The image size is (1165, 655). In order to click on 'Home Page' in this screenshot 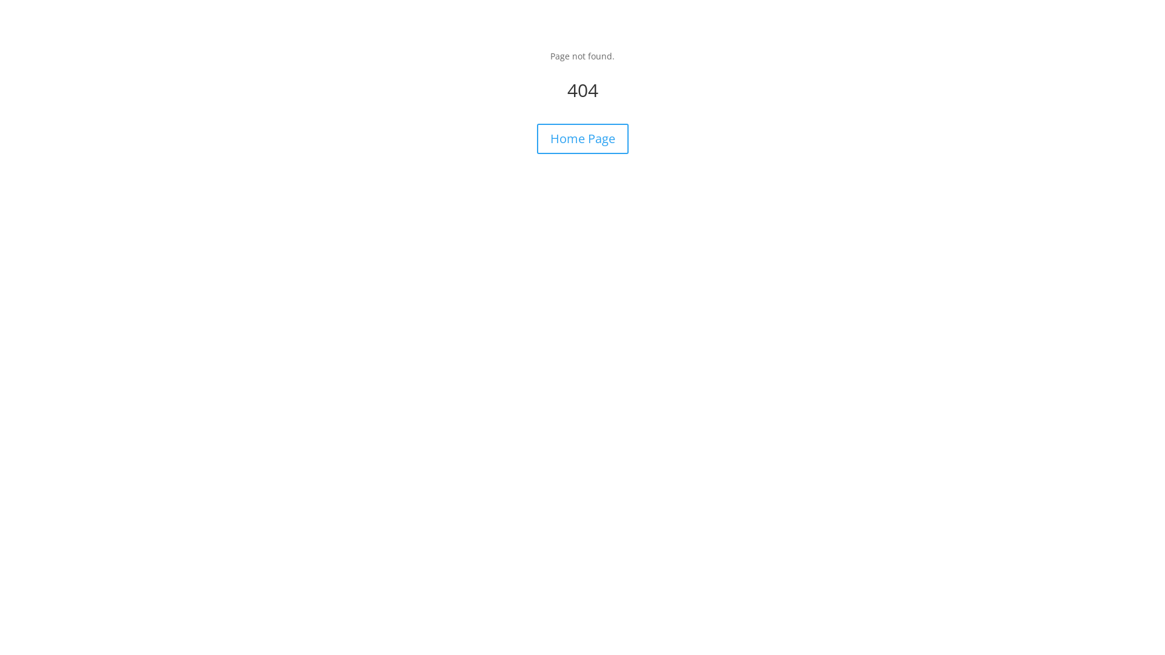, I will do `click(581, 138)`.